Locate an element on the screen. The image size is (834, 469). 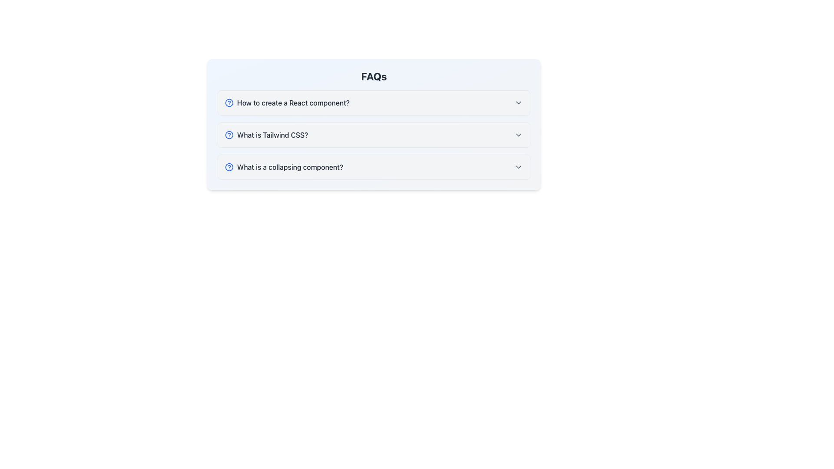
the blue circular SVG element that is part of the icon next to the header 'How to create a React component?' is located at coordinates (229, 102).